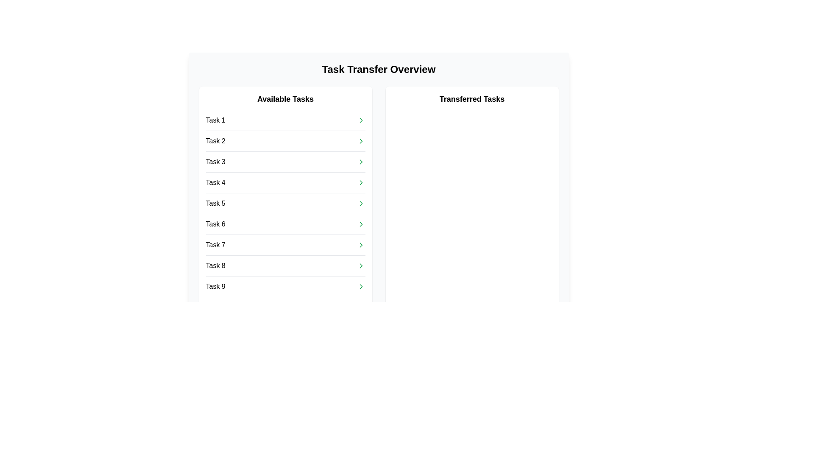 The image size is (814, 458). I want to click on the right-facing chevron icon in the 'Available Tasks' section for 'Task 3', so click(361, 162).